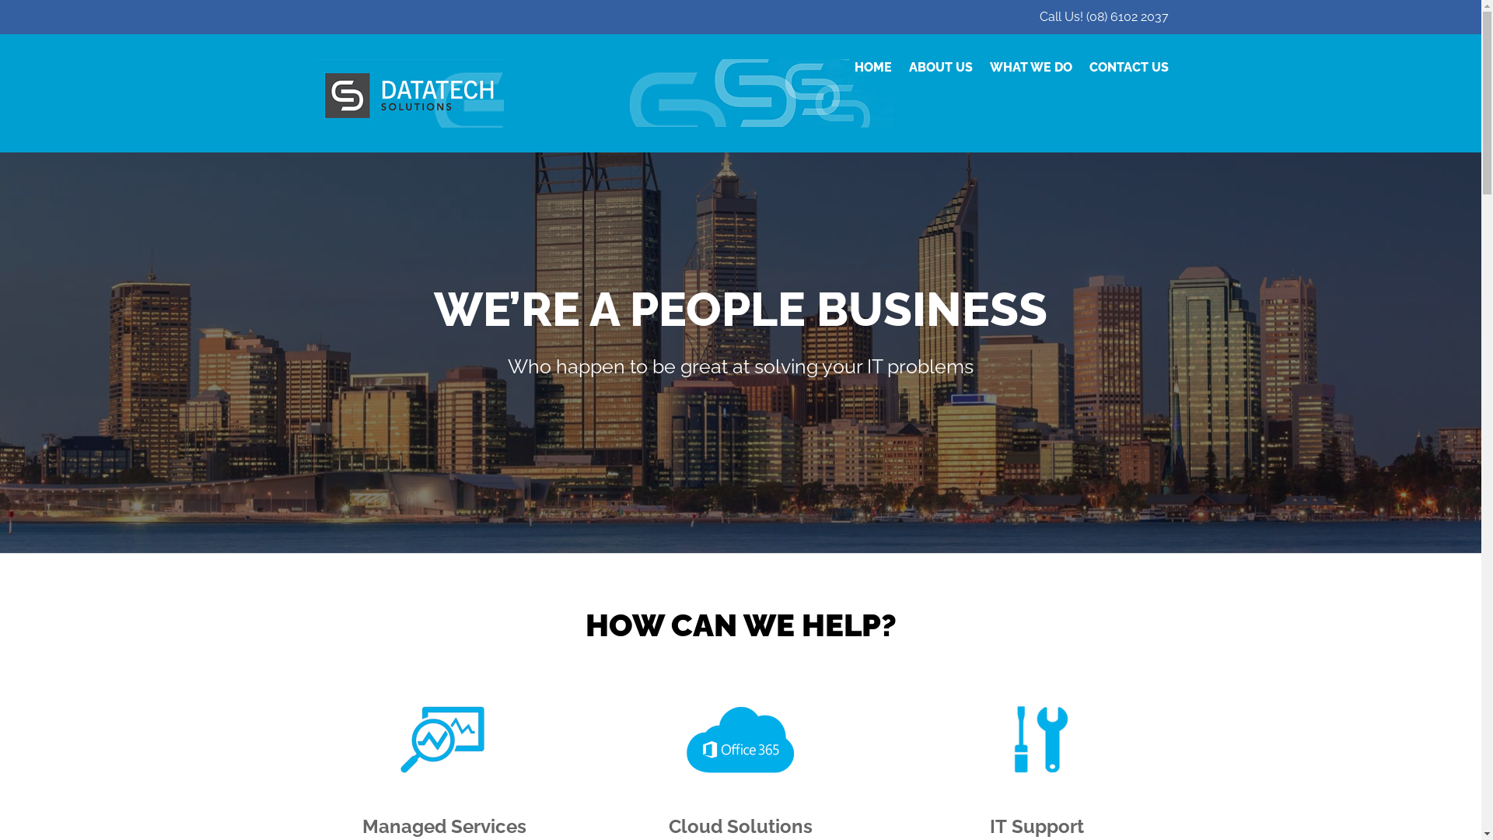  Describe the element at coordinates (1037, 739) in the screenshot. I see `'IT-Support-Icon-LB'` at that location.